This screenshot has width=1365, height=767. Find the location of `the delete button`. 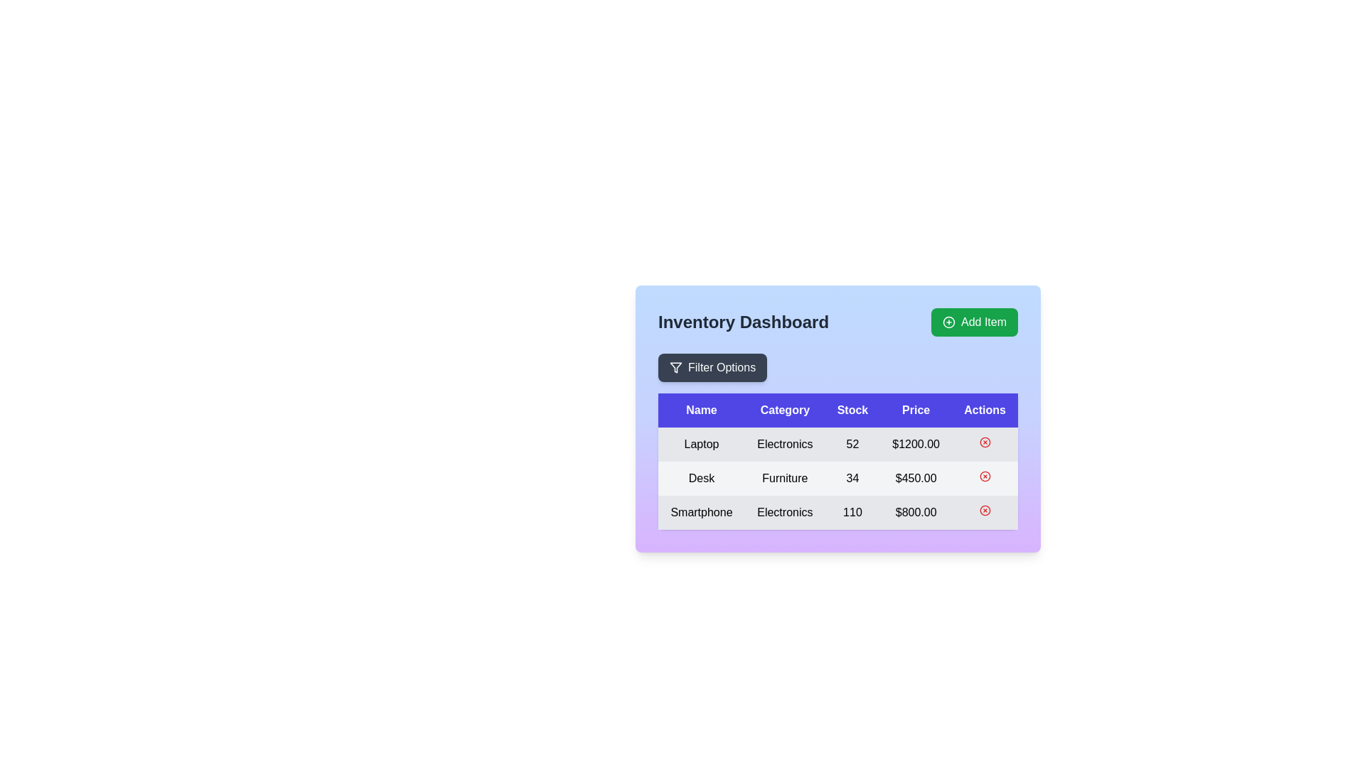

the delete button is located at coordinates (984, 442).